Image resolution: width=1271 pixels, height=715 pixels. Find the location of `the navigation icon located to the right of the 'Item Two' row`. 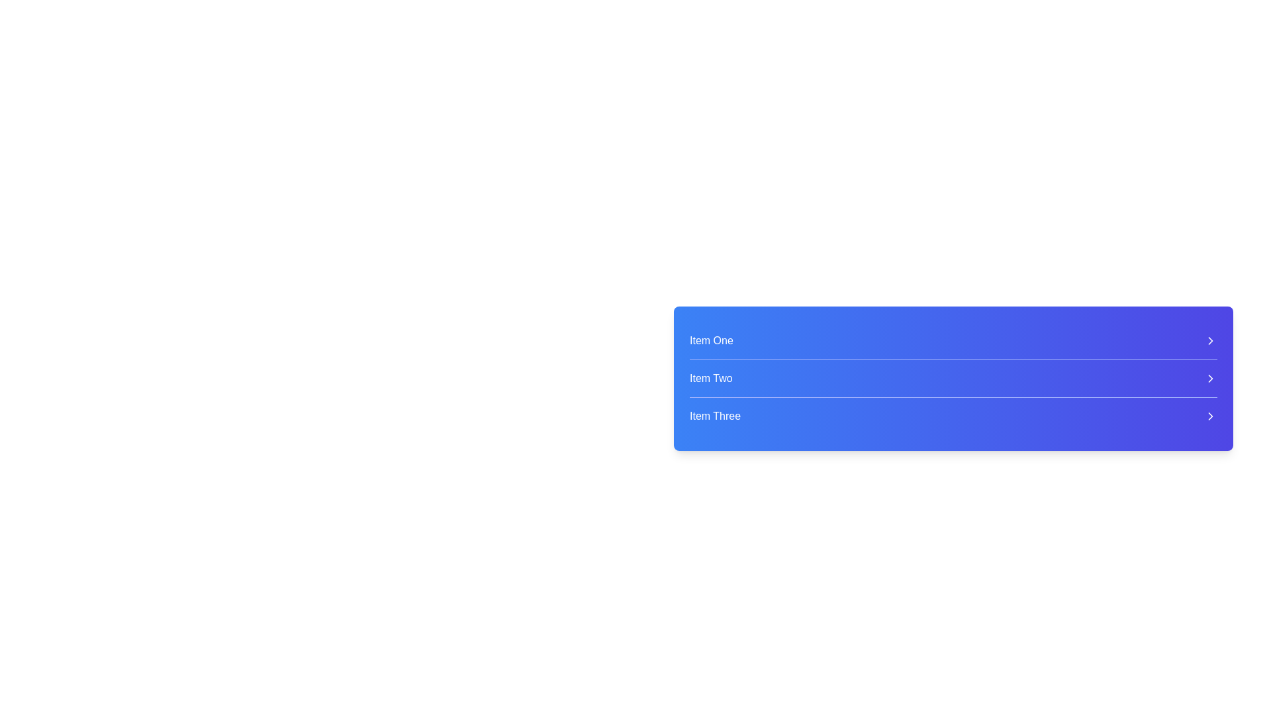

the navigation icon located to the right of the 'Item Two' row is located at coordinates (1210, 378).